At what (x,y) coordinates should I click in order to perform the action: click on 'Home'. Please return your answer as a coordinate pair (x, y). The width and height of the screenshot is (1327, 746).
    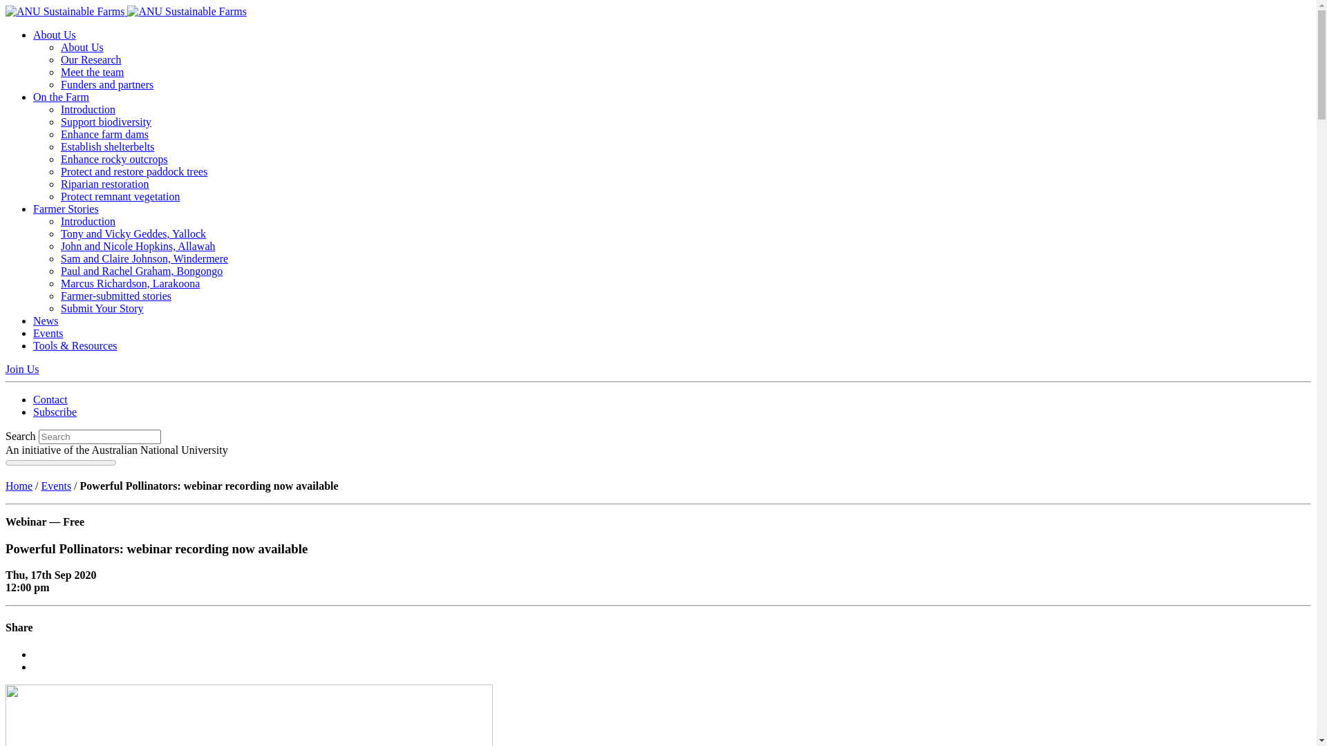
    Looking at the image, I should click on (19, 485).